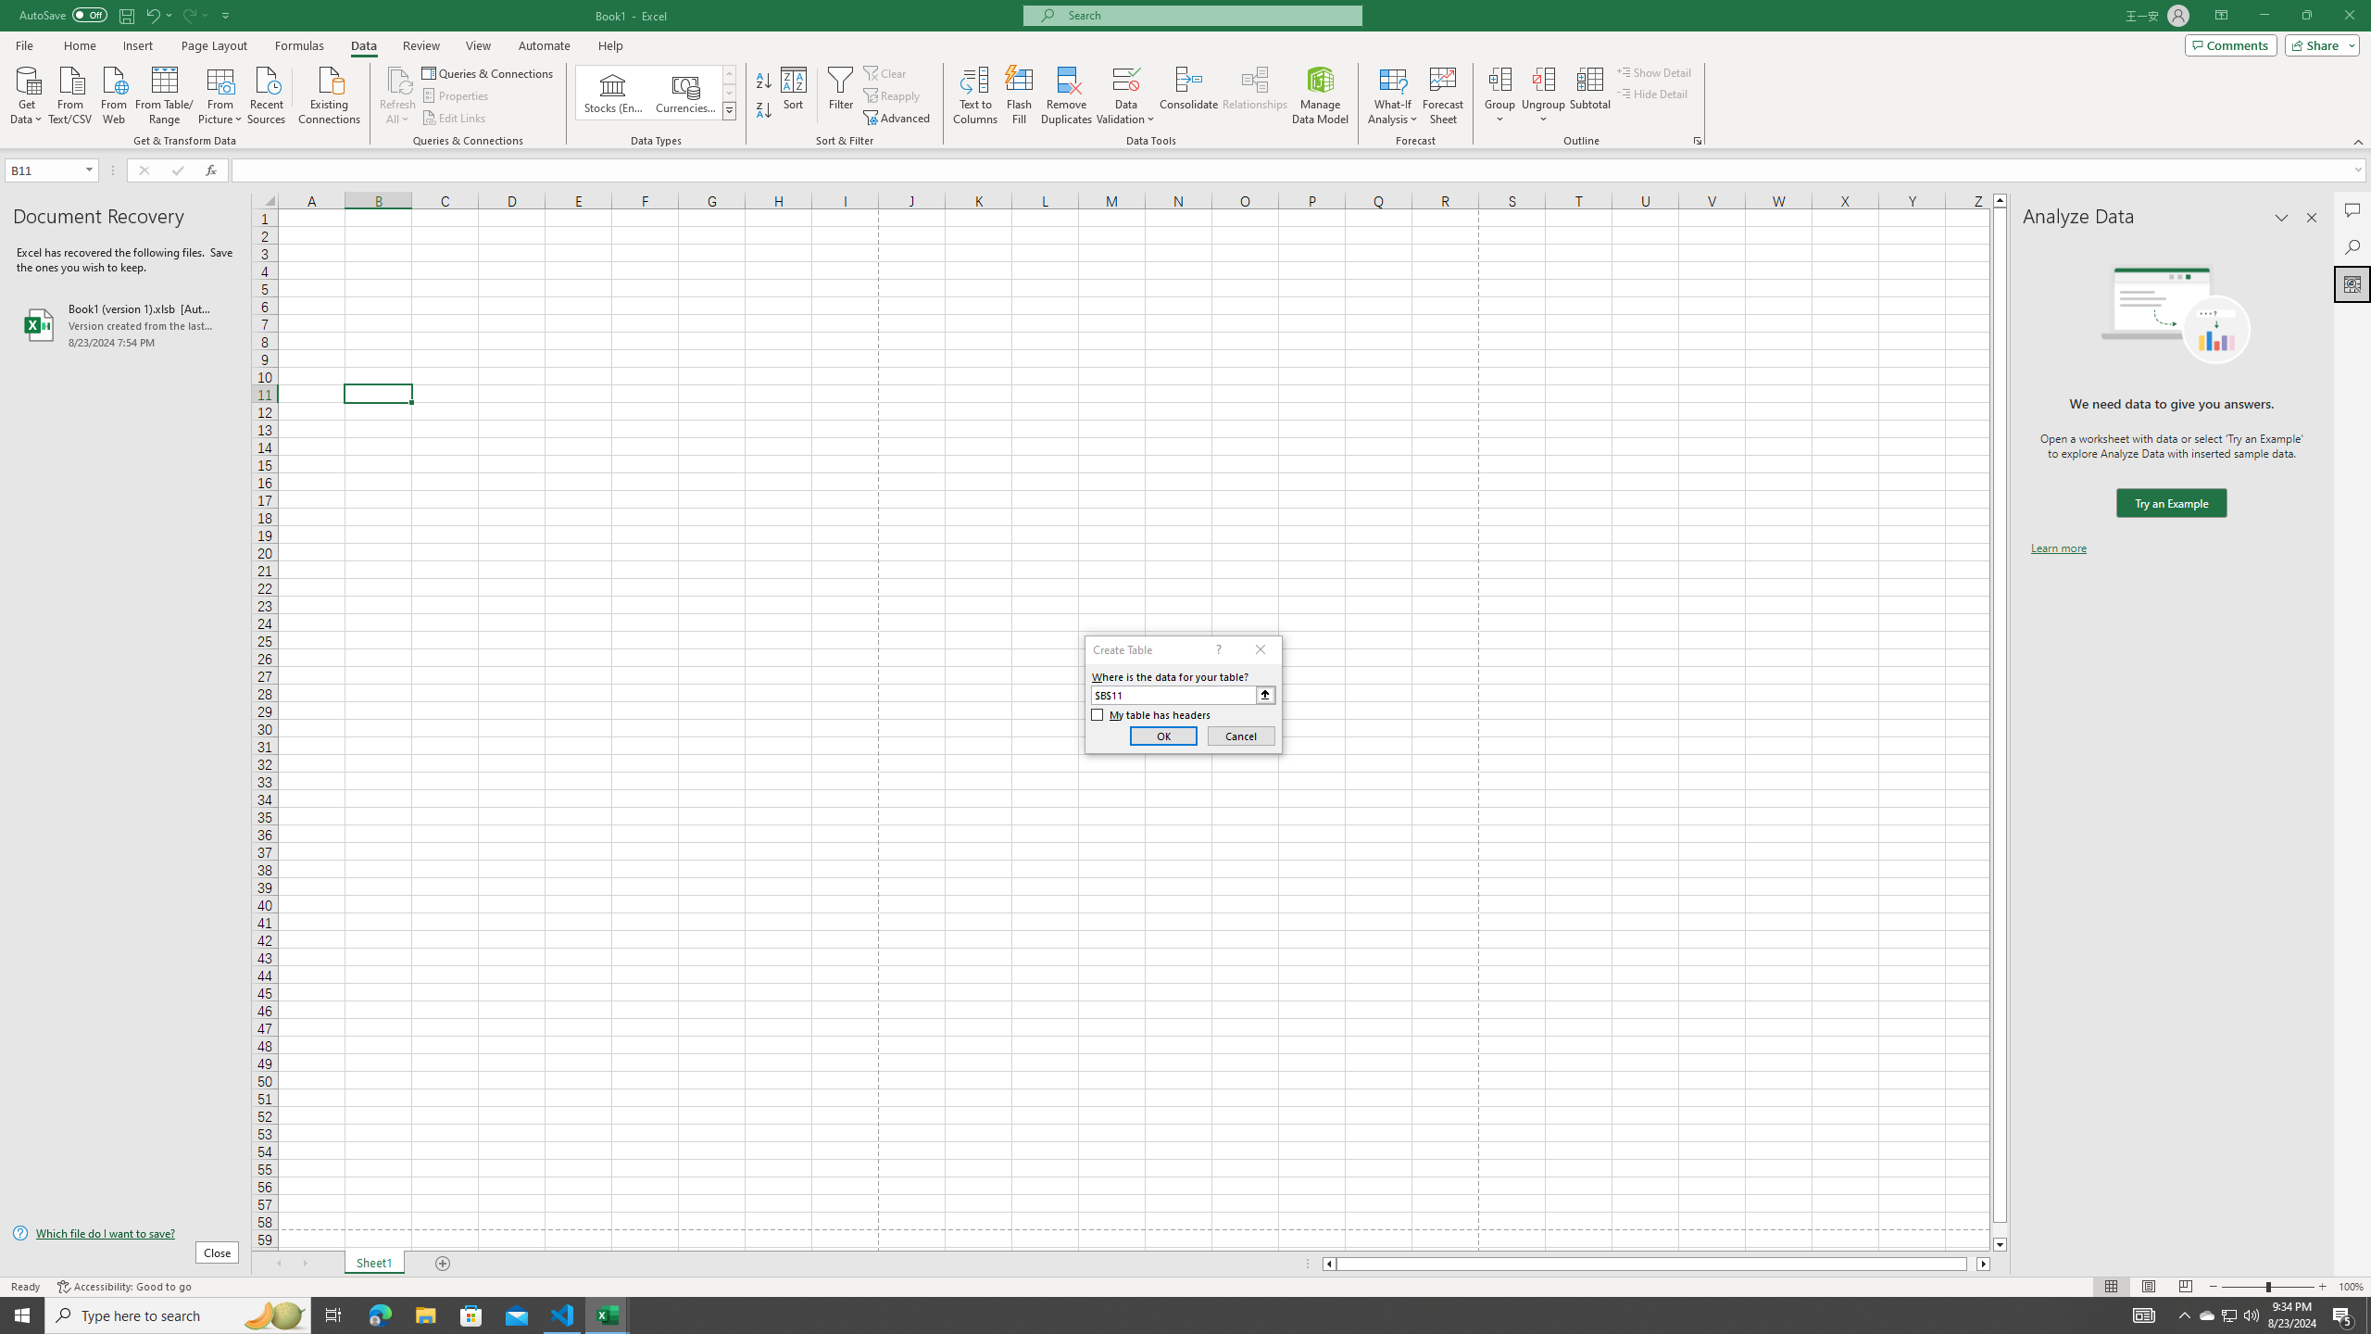 This screenshot has width=2371, height=1334. Describe the element at coordinates (2281, 217) in the screenshot. I see `'Task Pane Options'` at that location.